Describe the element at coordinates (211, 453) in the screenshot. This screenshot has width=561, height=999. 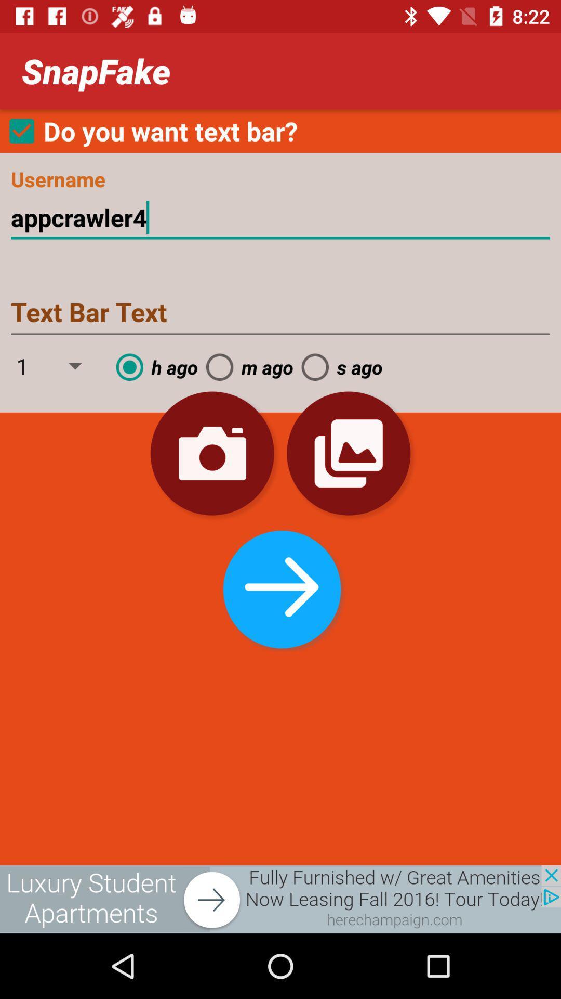
I see `camera switch option` at that location.